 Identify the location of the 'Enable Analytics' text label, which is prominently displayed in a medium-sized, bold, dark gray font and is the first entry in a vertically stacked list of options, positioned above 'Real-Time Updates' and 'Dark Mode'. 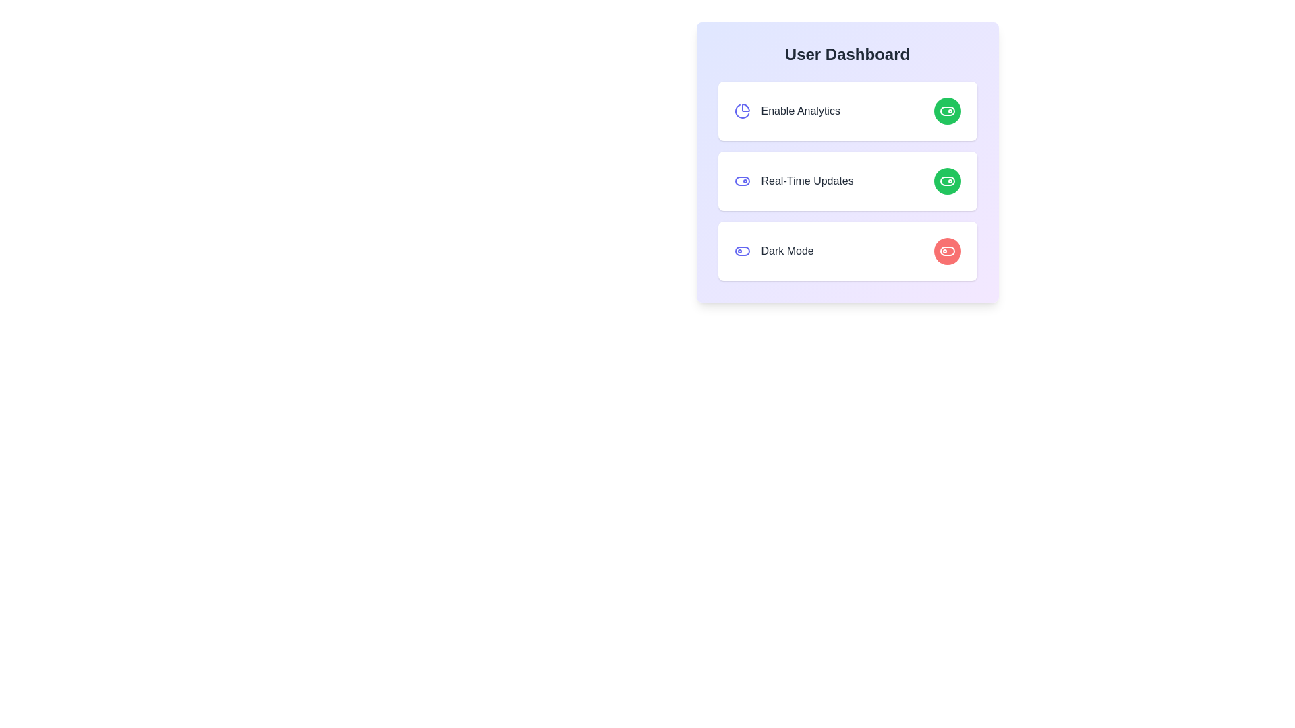
(787, 111).